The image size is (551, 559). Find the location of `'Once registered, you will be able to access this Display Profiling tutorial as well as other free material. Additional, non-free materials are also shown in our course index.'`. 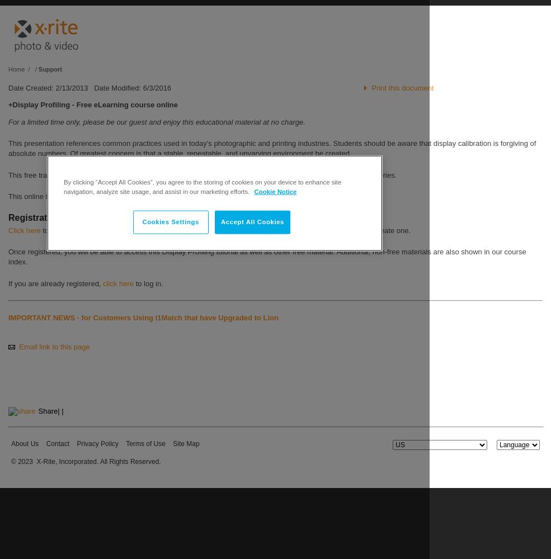

'Once registered, you will be able to access this Display Profiling tutorial as well as other free material. Additional, non-free materials are also shown in our course index.' is located at coordinates (266, 256).